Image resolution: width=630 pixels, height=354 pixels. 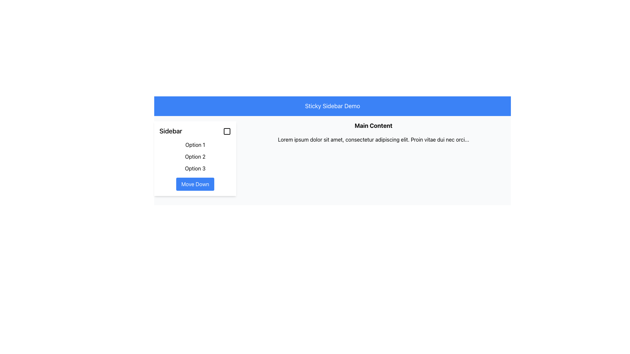 What do you see at coordinates (195, 145) in the screenshot?
I see `the first hyperlink in the vertical list of options located in the sidebar` at bounding box center [195, 145].